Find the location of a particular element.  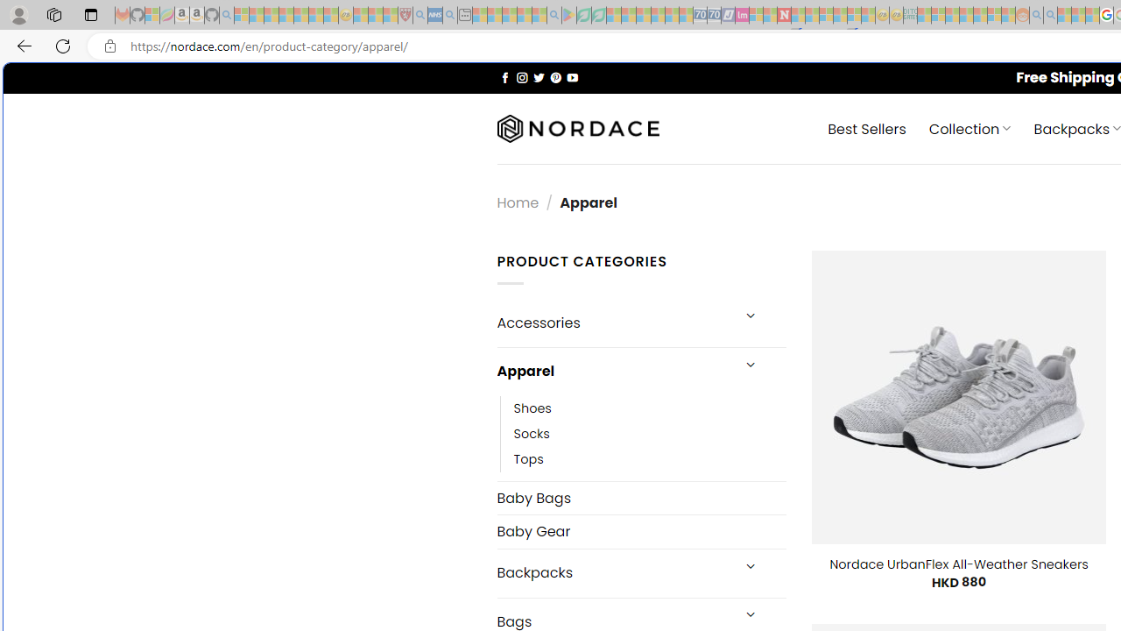

'New Report Confirms 2023 Was Record Hot | Watch - Sleeping' is located at coordinates (300, 15).